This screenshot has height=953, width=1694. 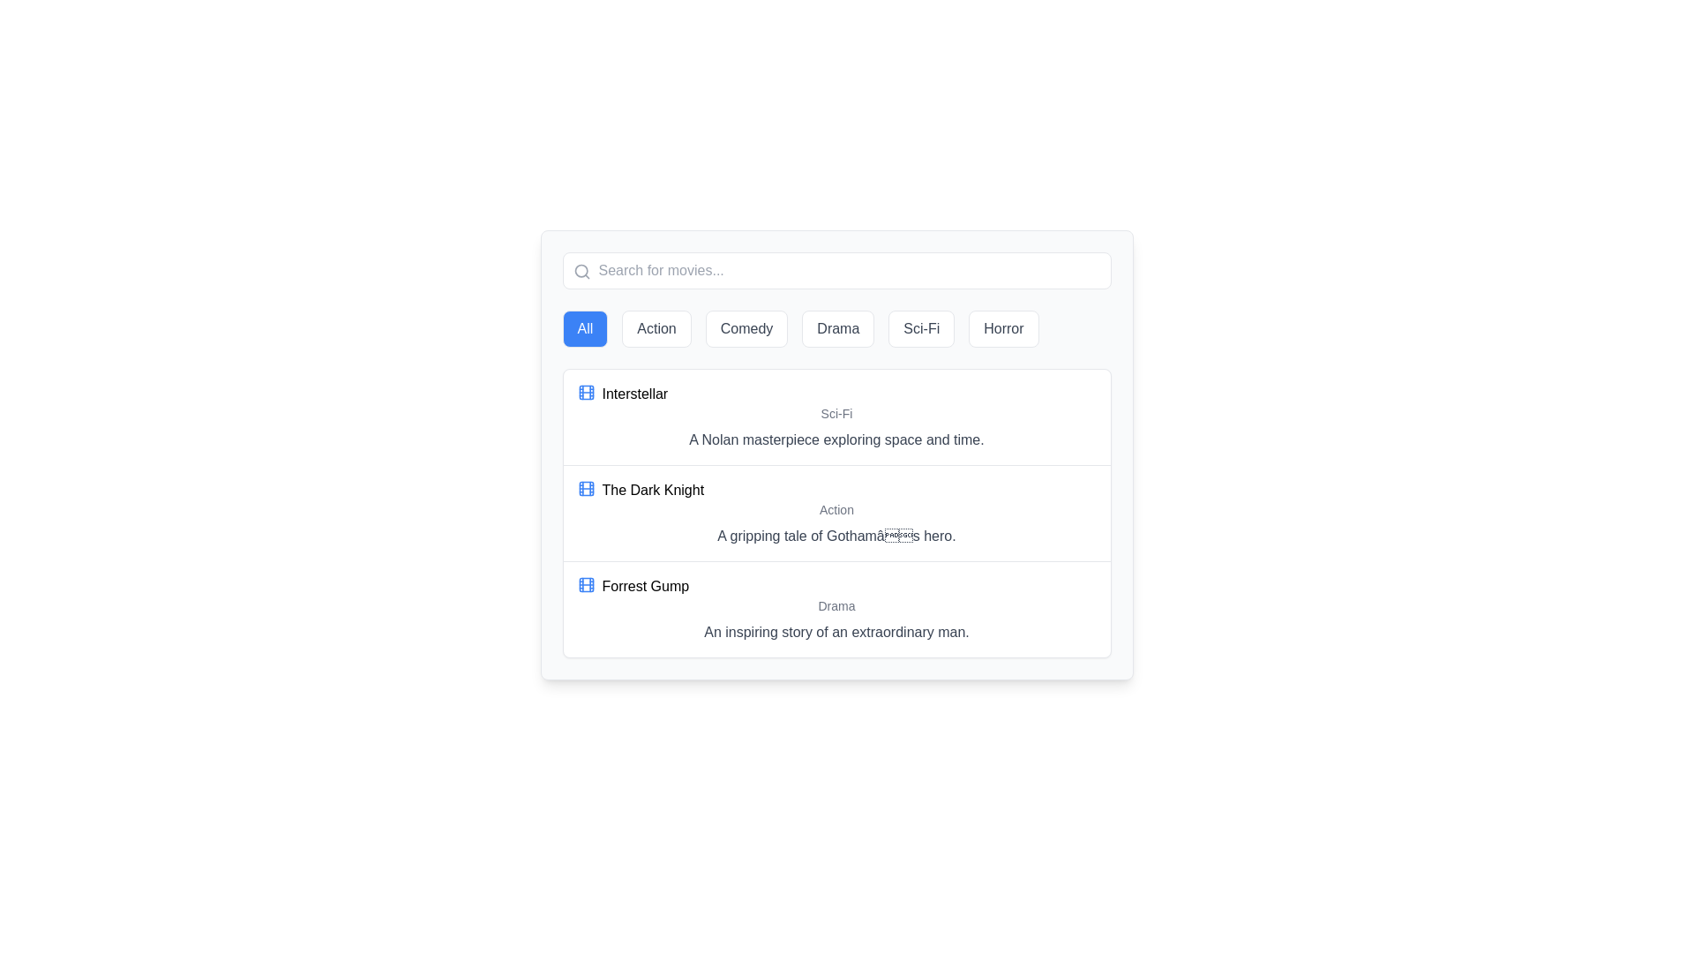 I want to click on the movie icon for 'Interstellar' that indicates it pertains to a movie or film, located at the leftmost side before the movie's title text, so click(x=586, y=391).